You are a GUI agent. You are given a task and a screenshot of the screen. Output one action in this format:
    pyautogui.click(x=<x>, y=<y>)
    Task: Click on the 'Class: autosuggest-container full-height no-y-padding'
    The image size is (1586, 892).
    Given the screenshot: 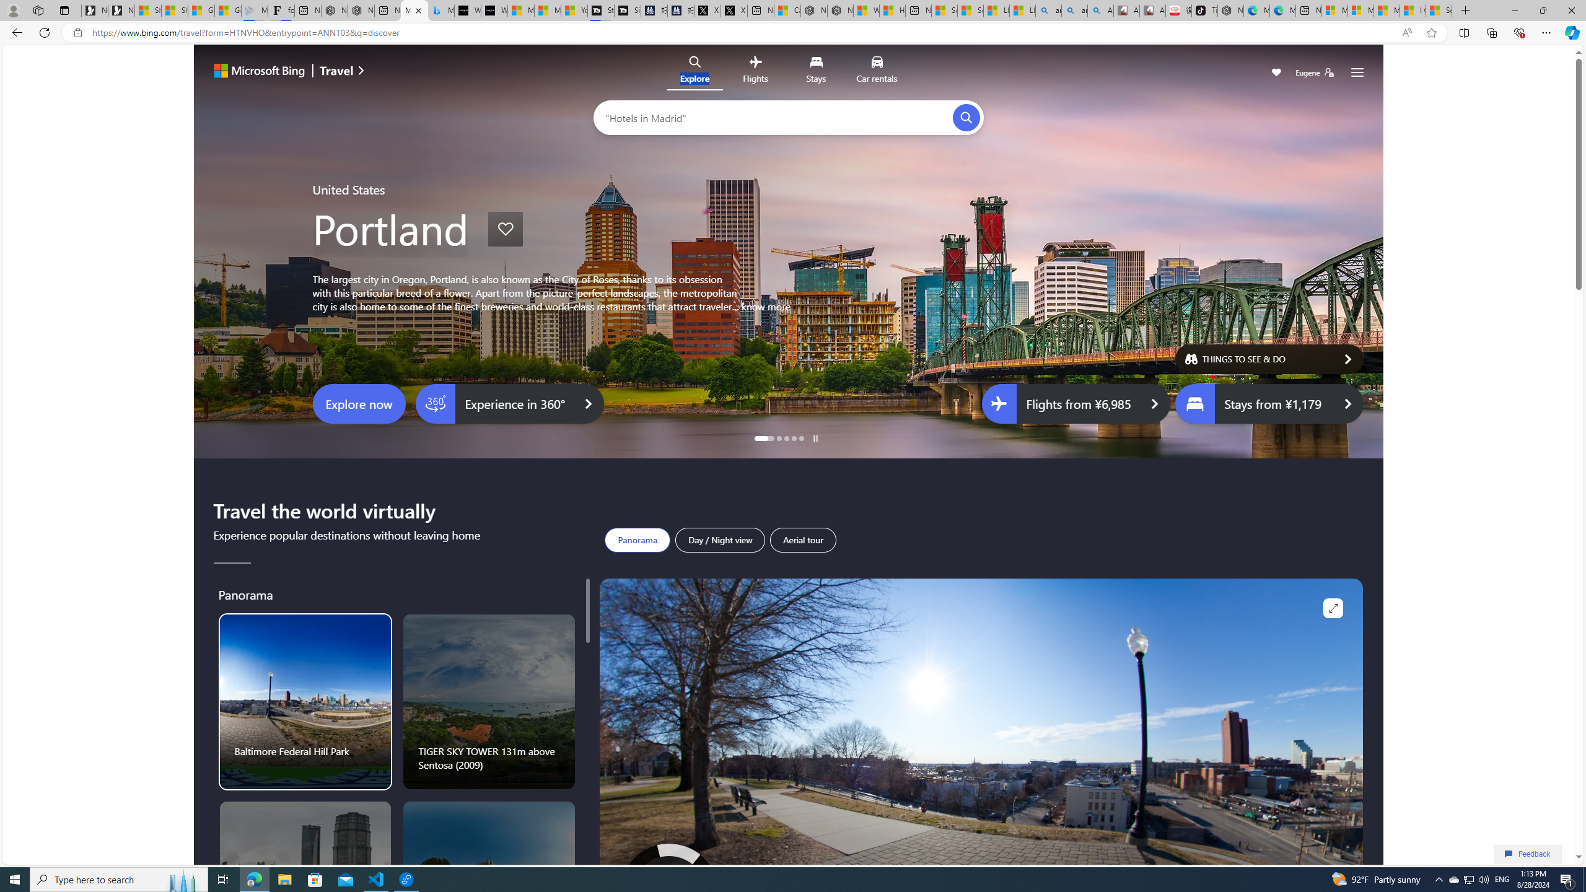 What is the action you would take?
    pyautogui.click(x=779, y=116)
    